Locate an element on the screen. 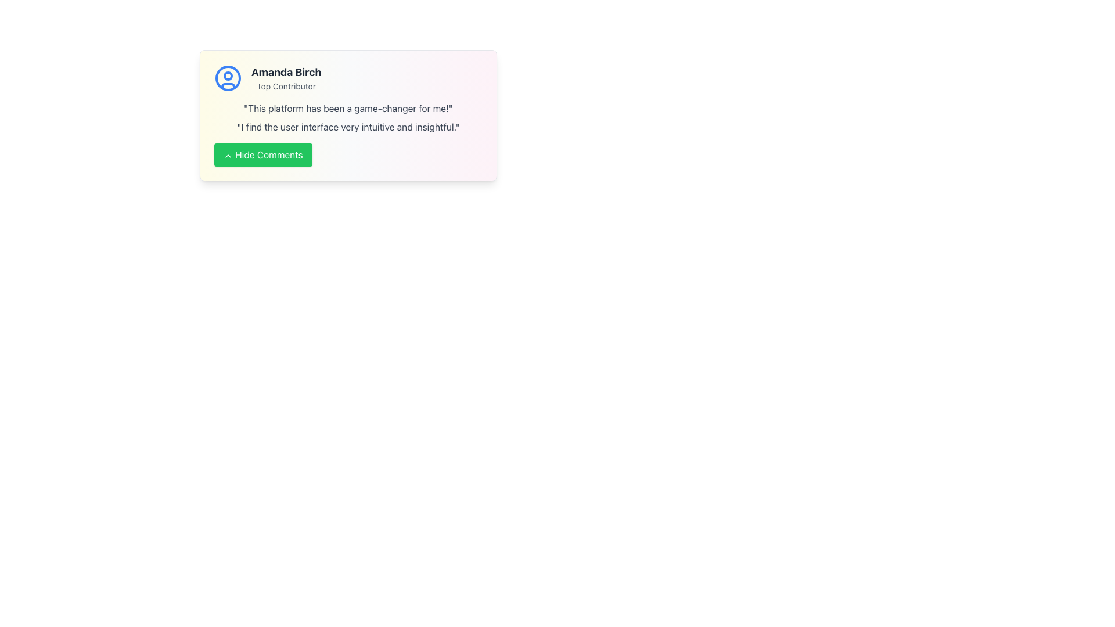 The height and width of the screenshot is (627, 1115). the circular user profile icon with blue color on a white background located on the extreme left of the section containing the name 'Amanda Birch' and the title 'Top Contributor' is located at coordinates (228, 78).